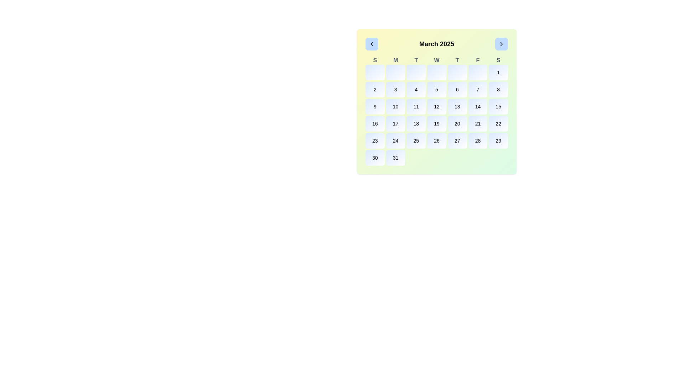  Describe the element at coordinates (374, 89) in the screenshot. I see `the grid item button displaying the number '2' in the second row of the grid under 'March 2025'` at that location.